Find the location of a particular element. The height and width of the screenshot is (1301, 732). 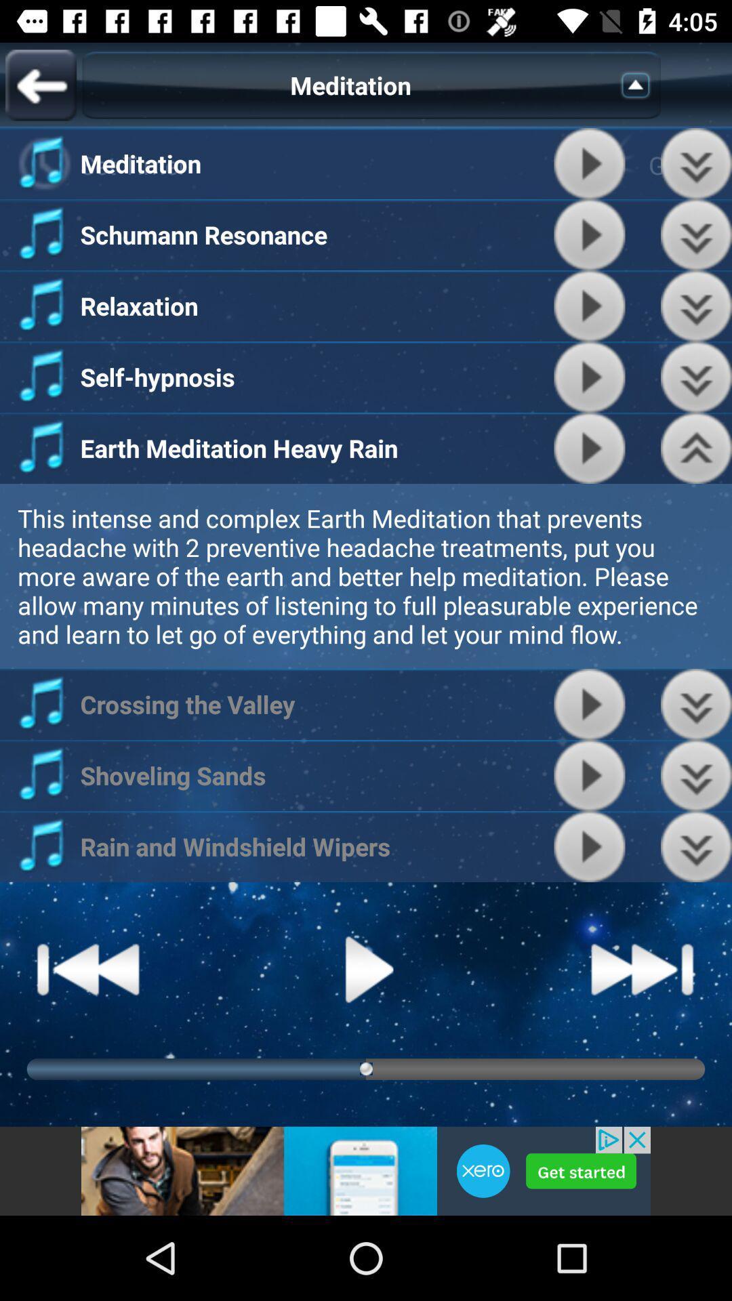

meditation is located at coordinates (589, 377).